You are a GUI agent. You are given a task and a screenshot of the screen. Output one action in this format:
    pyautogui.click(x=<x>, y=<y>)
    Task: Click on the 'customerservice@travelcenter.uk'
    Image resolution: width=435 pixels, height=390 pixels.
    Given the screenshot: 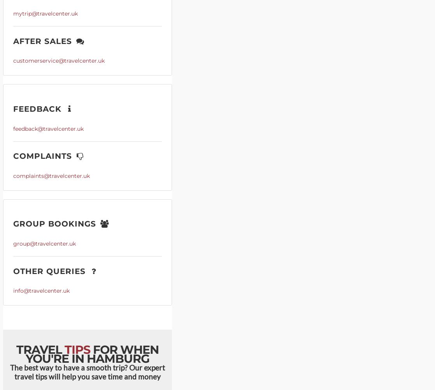 What is the action you would take?
    pyautogui.click(x=59, y=60)
    